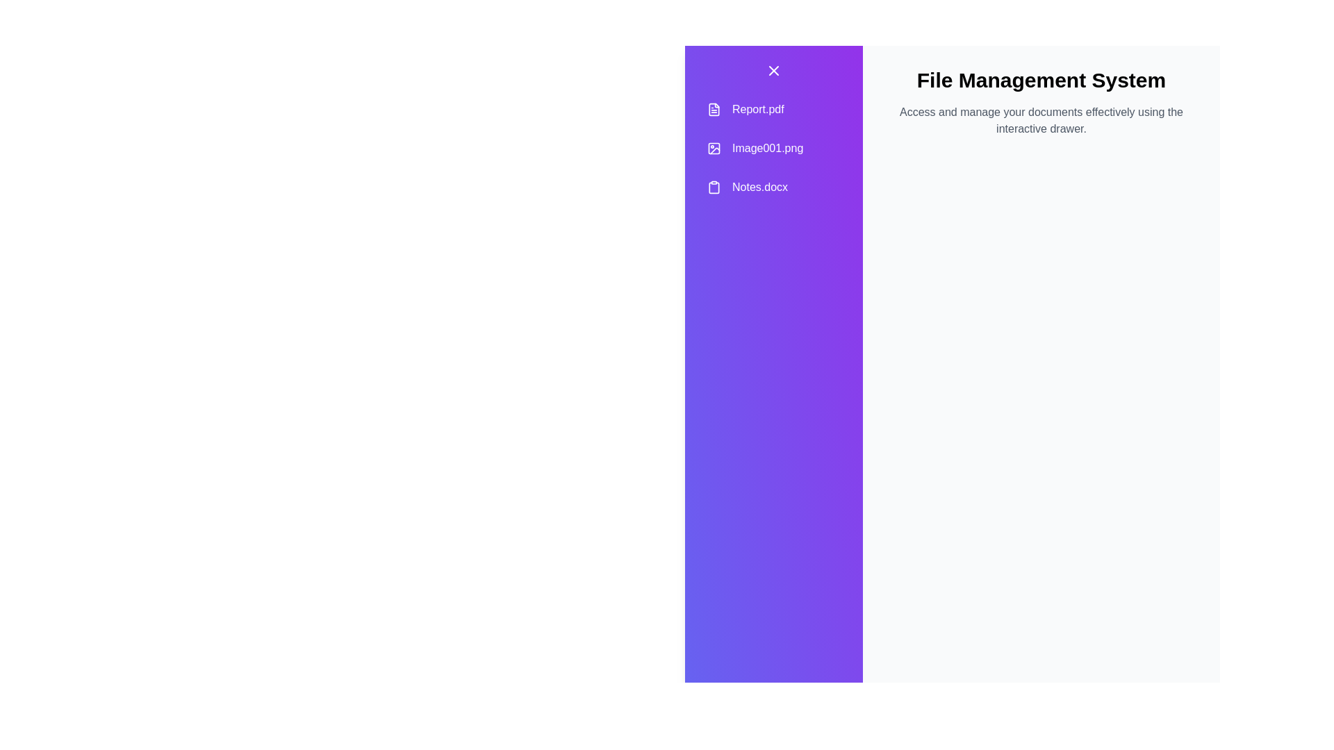  What do you see at coordinates (773, 148) in the screenshot?
I see `the document name Image001.png to observe the hover effect` at bounding box center [773, 148].